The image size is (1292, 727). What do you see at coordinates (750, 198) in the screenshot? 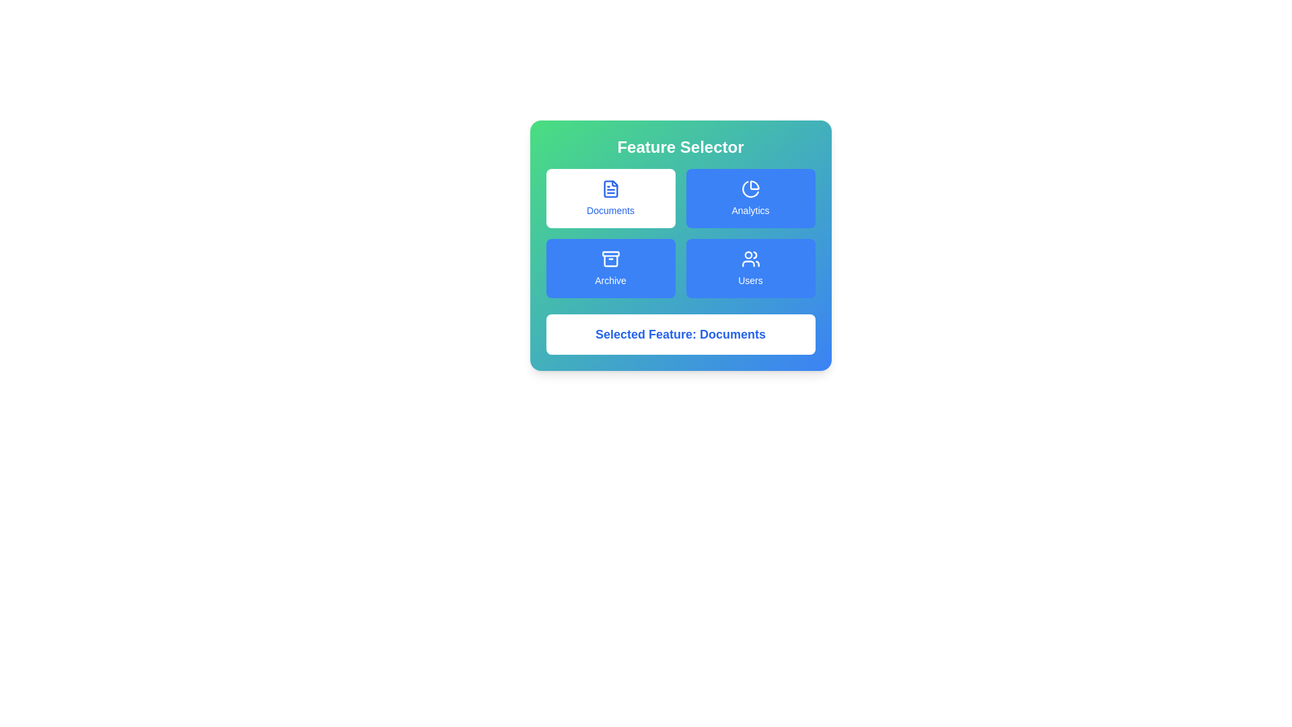
I see `the button labeled 'Analytics'` at bounding box center [750, 198].